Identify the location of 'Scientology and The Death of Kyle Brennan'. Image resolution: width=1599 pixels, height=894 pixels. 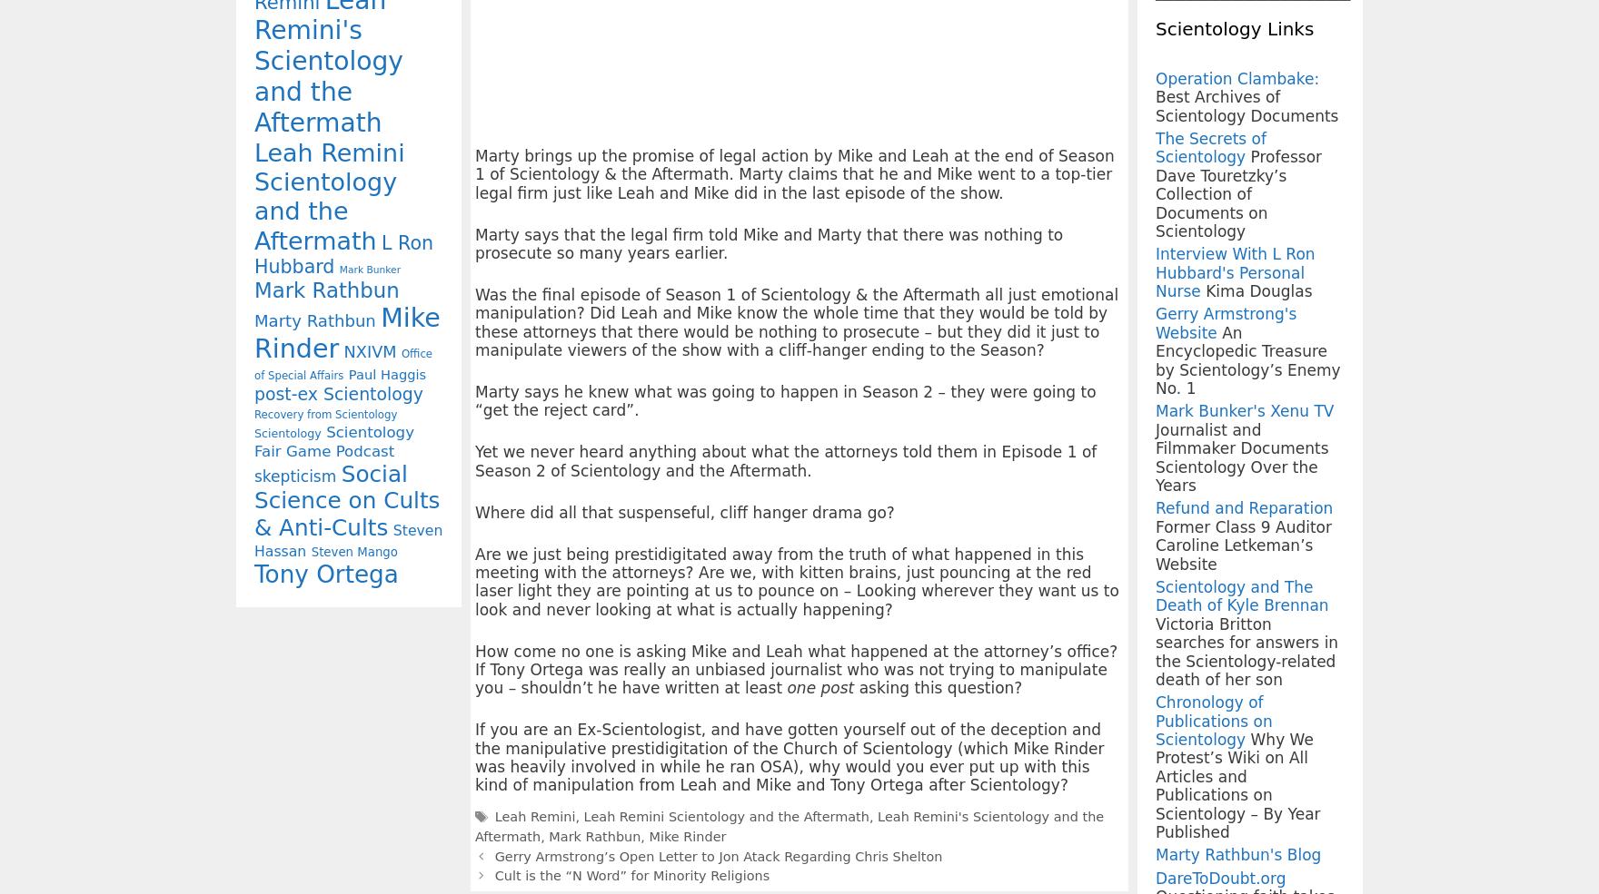
(1241, 594).